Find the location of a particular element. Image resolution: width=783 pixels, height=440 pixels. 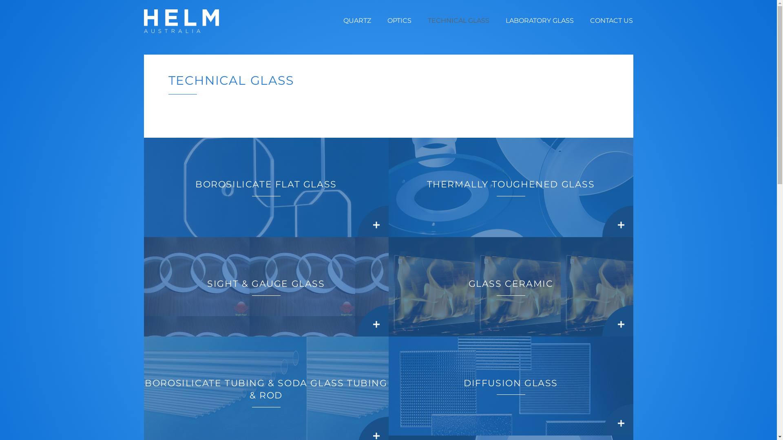

'OPTICS' is located at coordinates (399, 20).